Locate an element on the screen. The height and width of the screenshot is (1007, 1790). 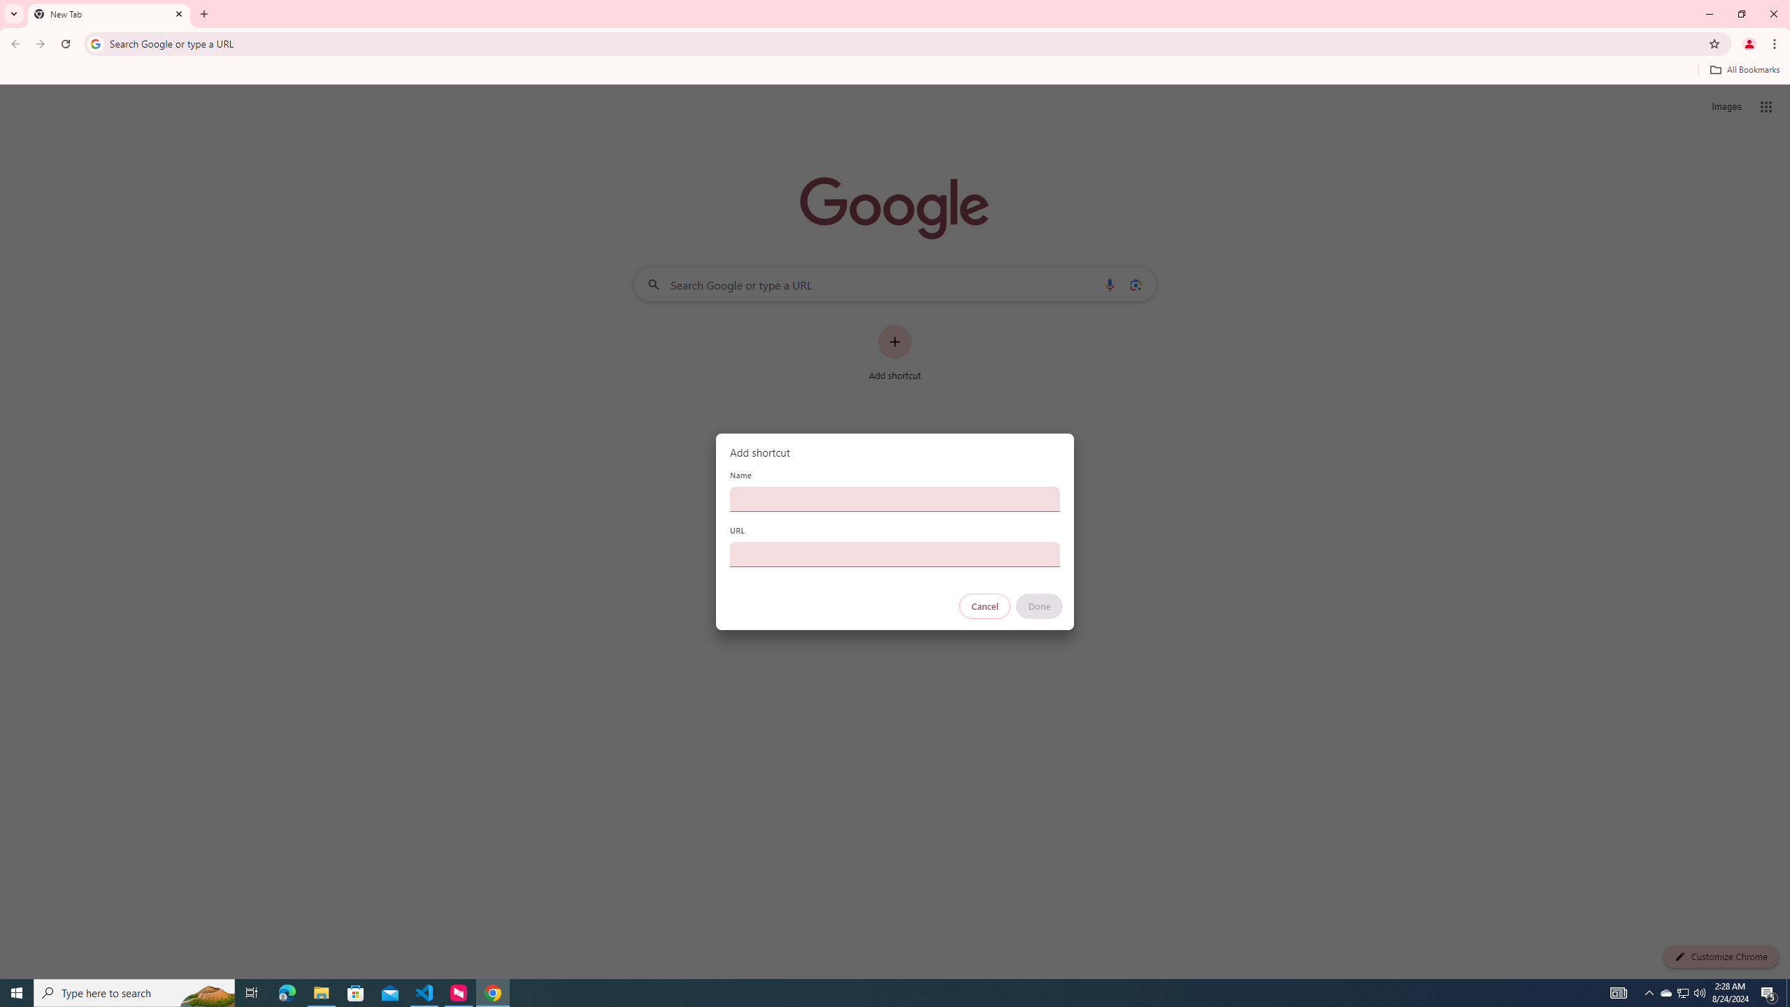
'URL' is located at coordinates (895, 554).